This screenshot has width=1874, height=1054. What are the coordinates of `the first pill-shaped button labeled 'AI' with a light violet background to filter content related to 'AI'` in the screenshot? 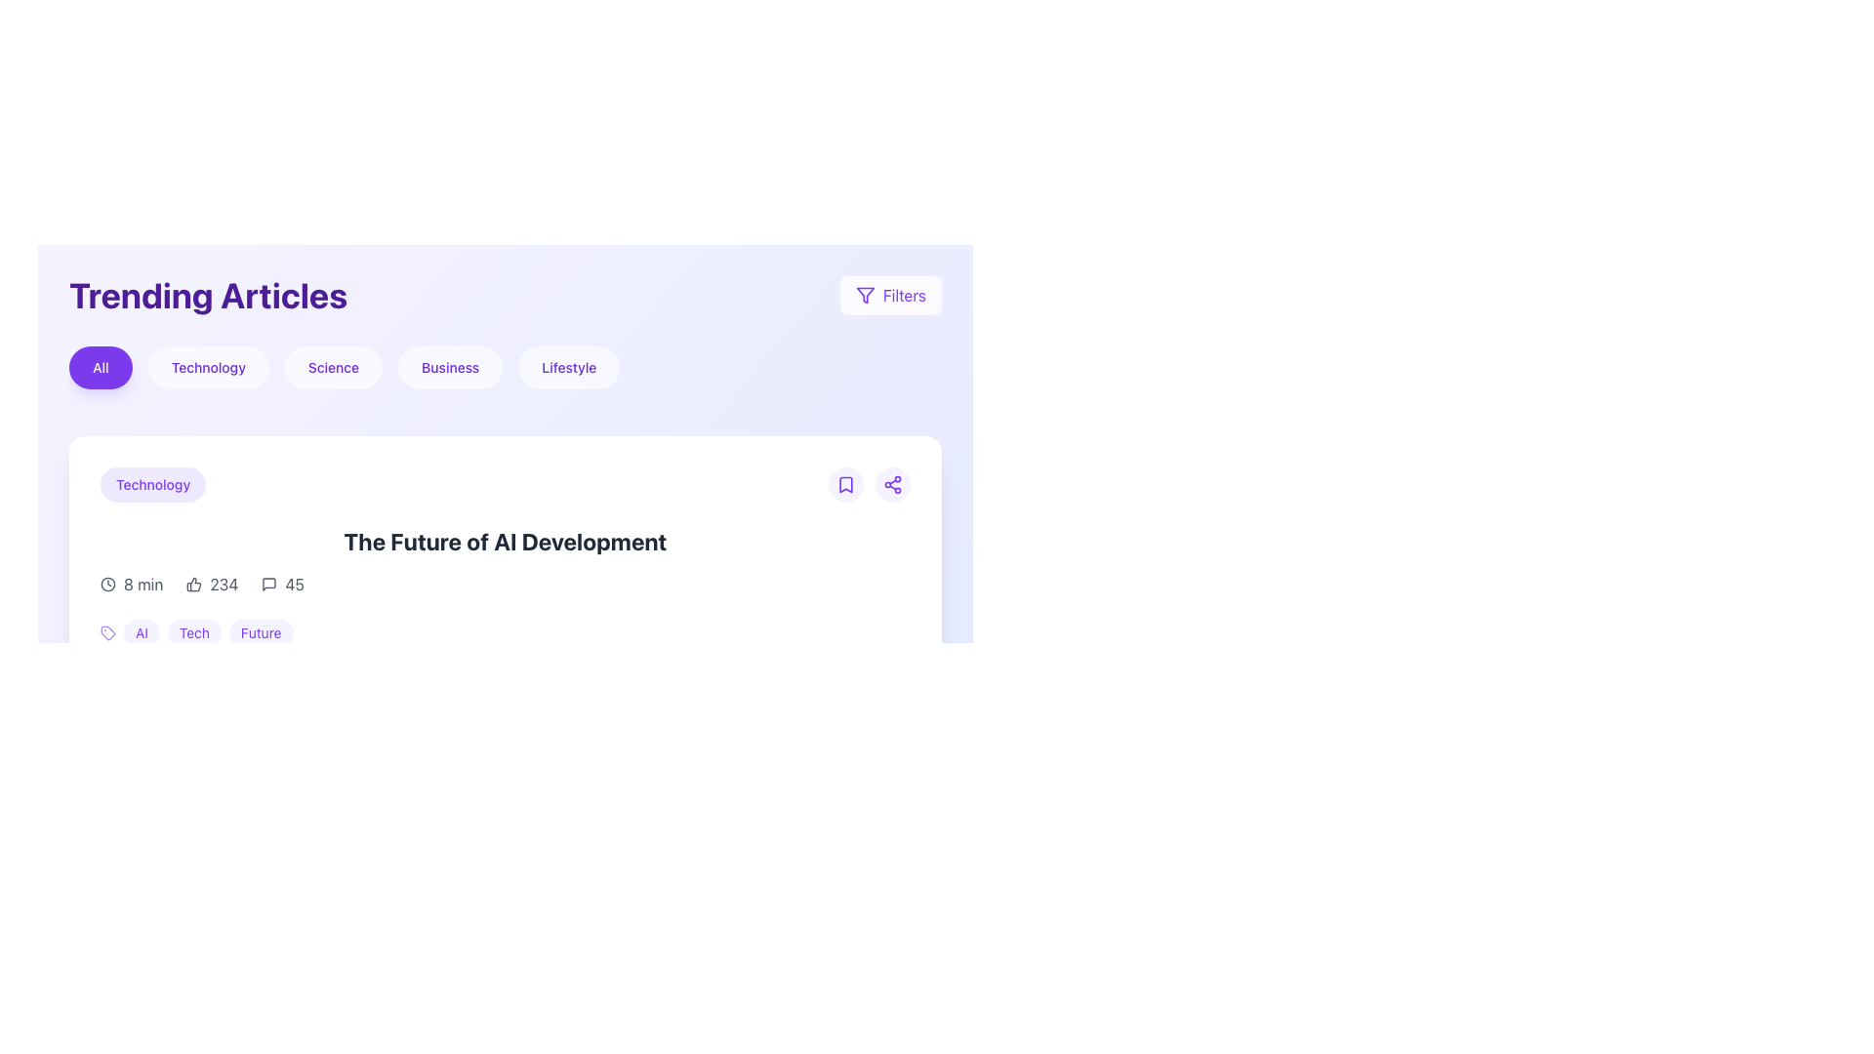 It's located at (141, 632).